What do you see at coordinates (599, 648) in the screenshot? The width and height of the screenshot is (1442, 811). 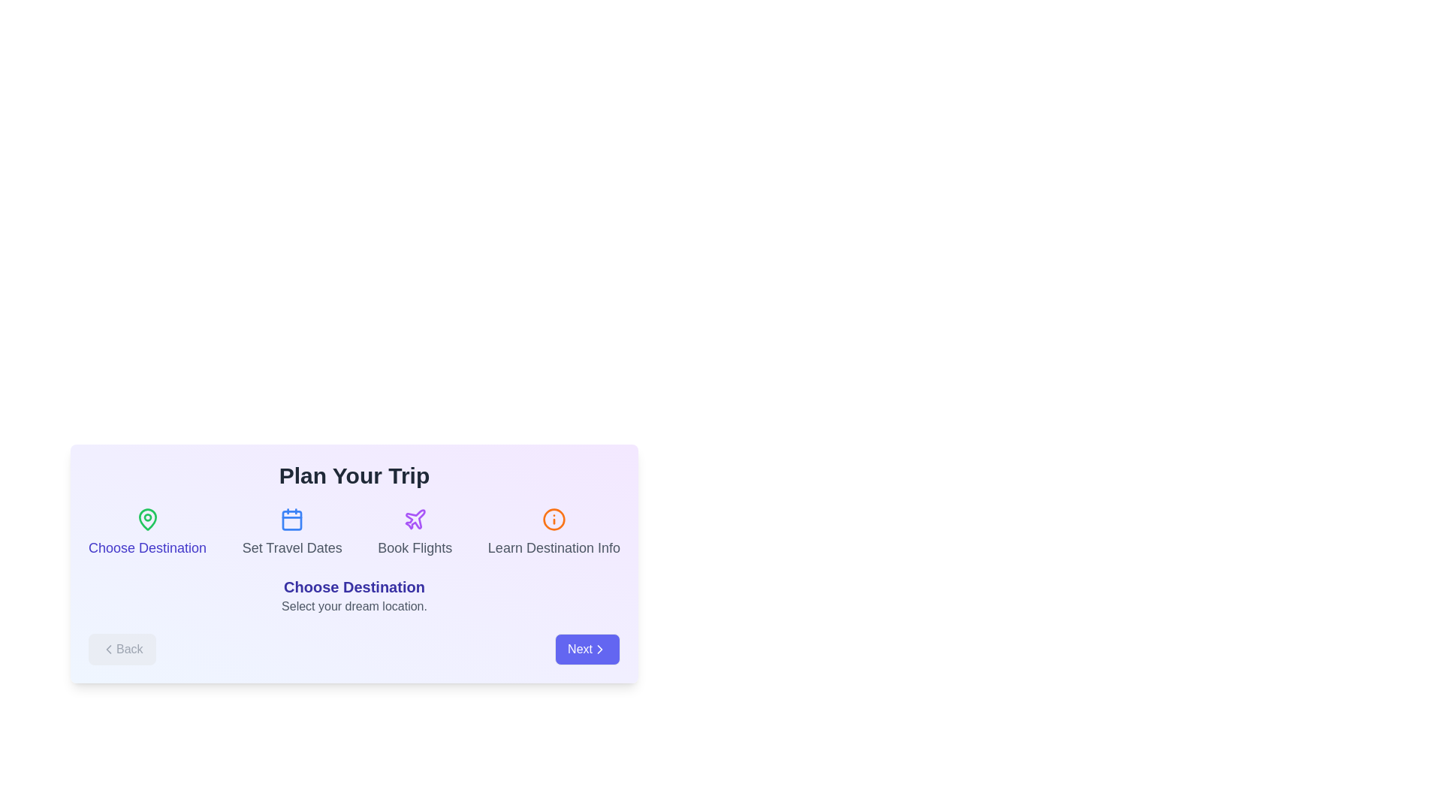 I see `the right-facing chevron icon inside the 'Next' button located at the bottom-right area of the 'Plan Your Trip' panel` at bounding box center [599, 648].